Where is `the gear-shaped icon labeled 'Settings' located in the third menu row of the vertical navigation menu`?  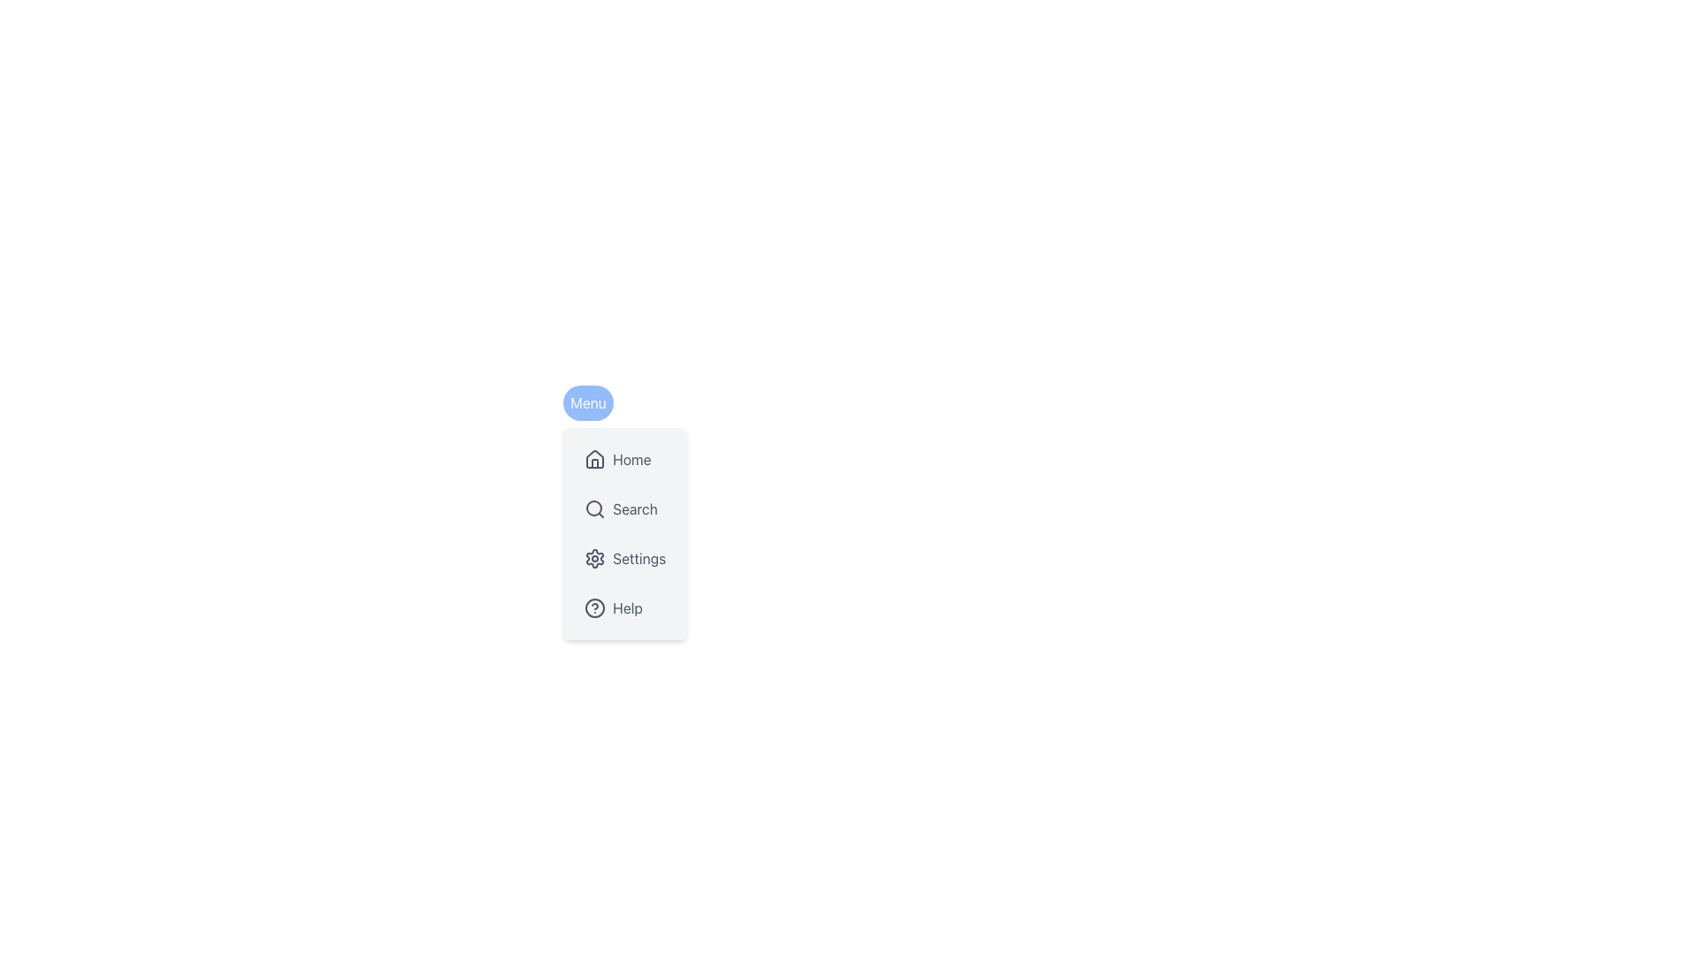 the gear-shaped icon labeled 'Settings' located in the third menu row of the vertical navigation menu is located at coordinates (595, 558).